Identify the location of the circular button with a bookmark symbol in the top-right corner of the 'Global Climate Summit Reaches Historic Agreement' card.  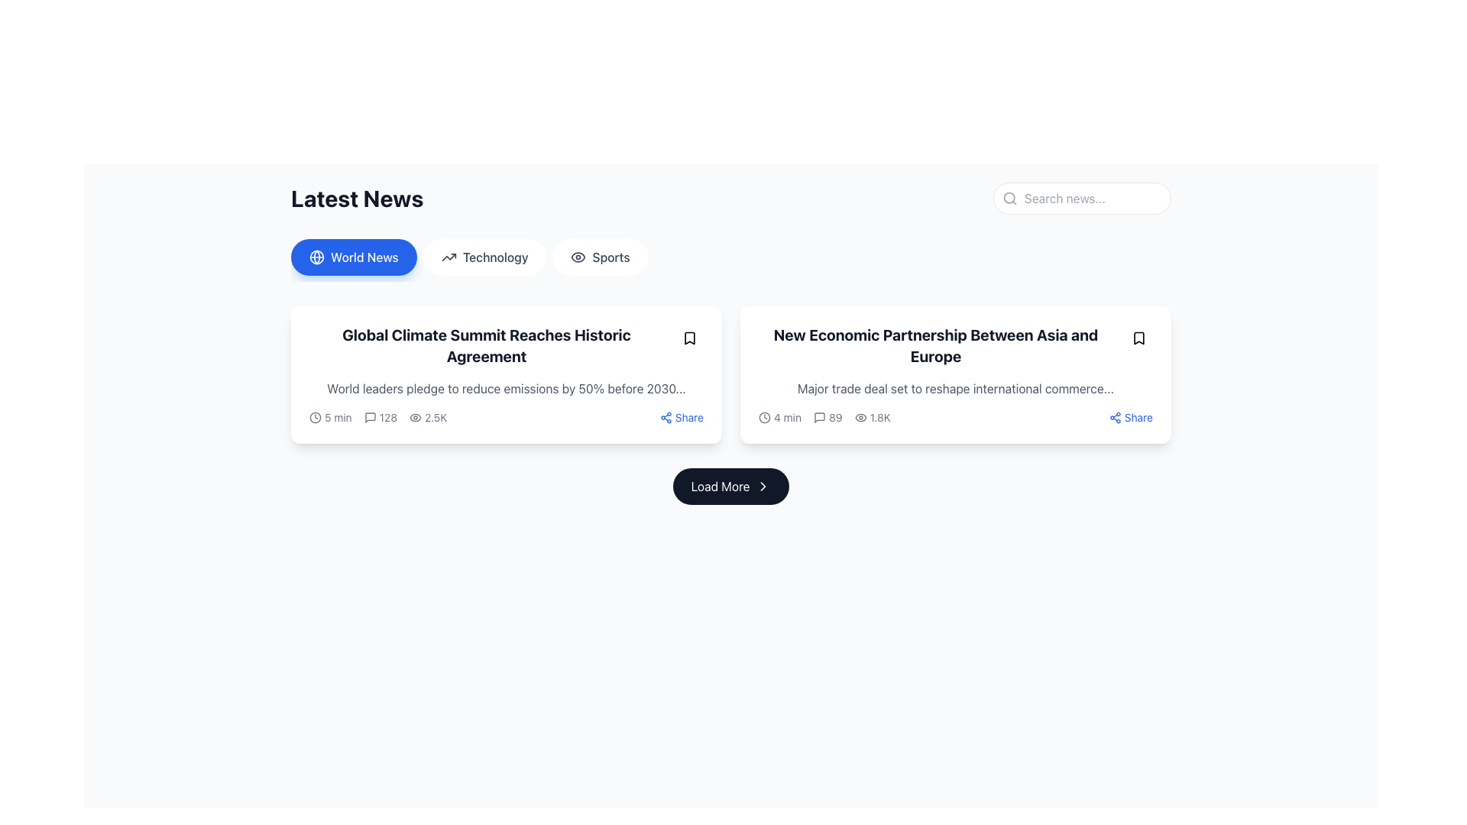
(688, 338).